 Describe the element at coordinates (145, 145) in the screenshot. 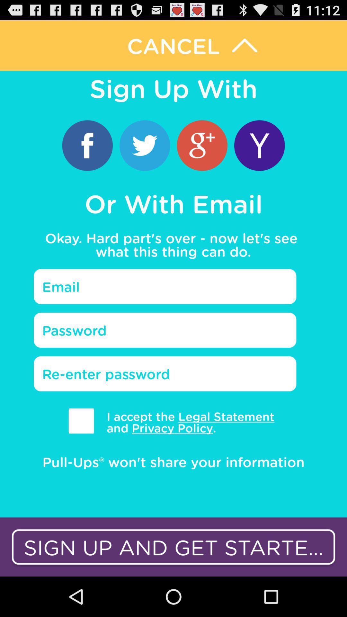

I see `twitter` at that location.